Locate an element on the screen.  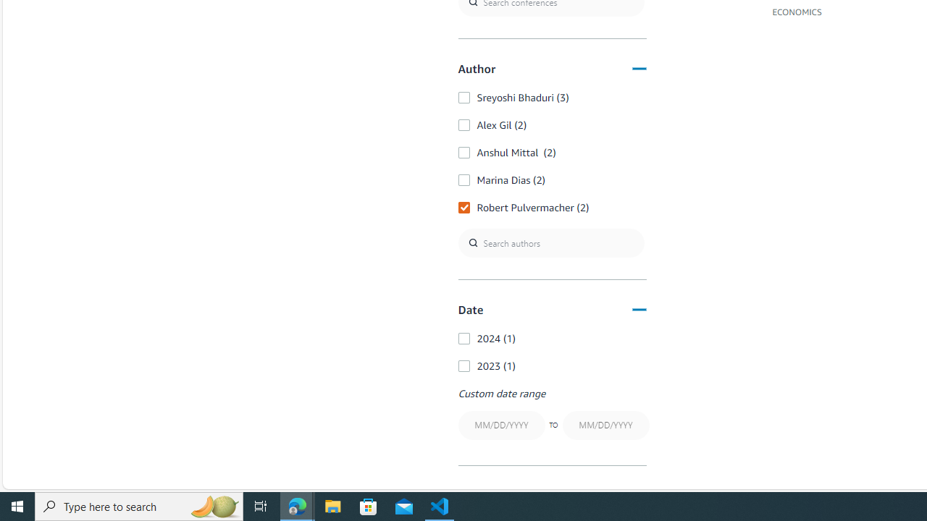
'ECONOMICS' is located at coordinates (796, 11).